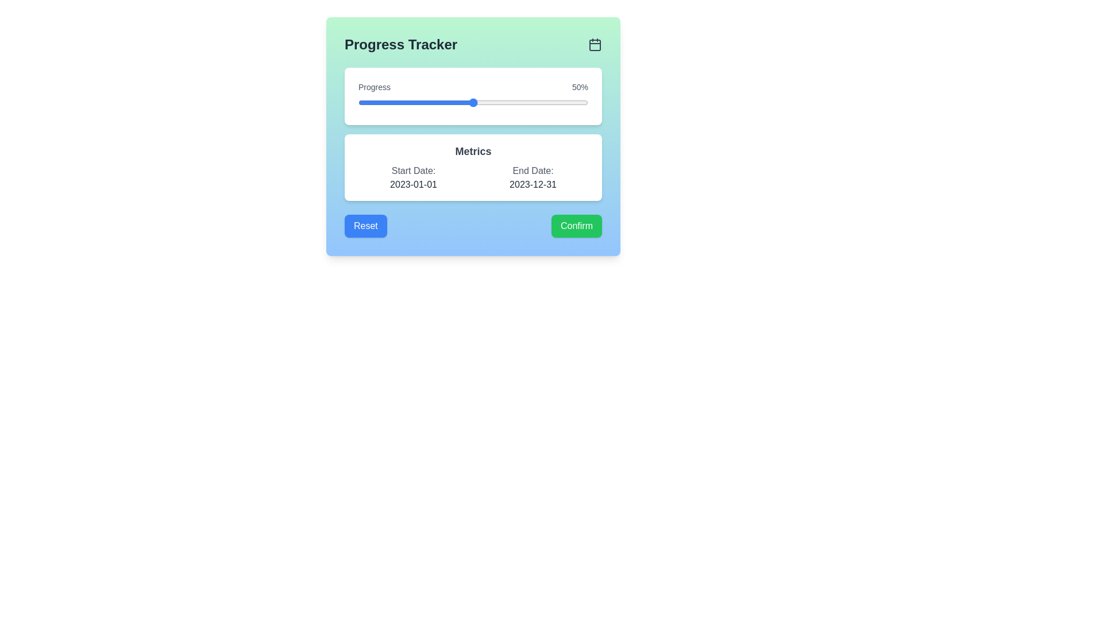  Describe the element at coordinates (532, 170) in the screenshot. I see `text label 'End Date:' located in the bottom section labeled 'Metrics', which is positioned to the right of 'Start Date' and above the date value '2023-12-31'` at that location.